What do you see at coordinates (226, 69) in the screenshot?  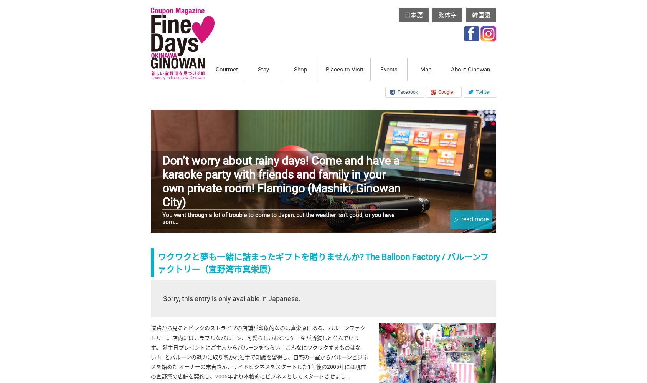 I see `'Gourmet'` at bounding box center [226, 69].